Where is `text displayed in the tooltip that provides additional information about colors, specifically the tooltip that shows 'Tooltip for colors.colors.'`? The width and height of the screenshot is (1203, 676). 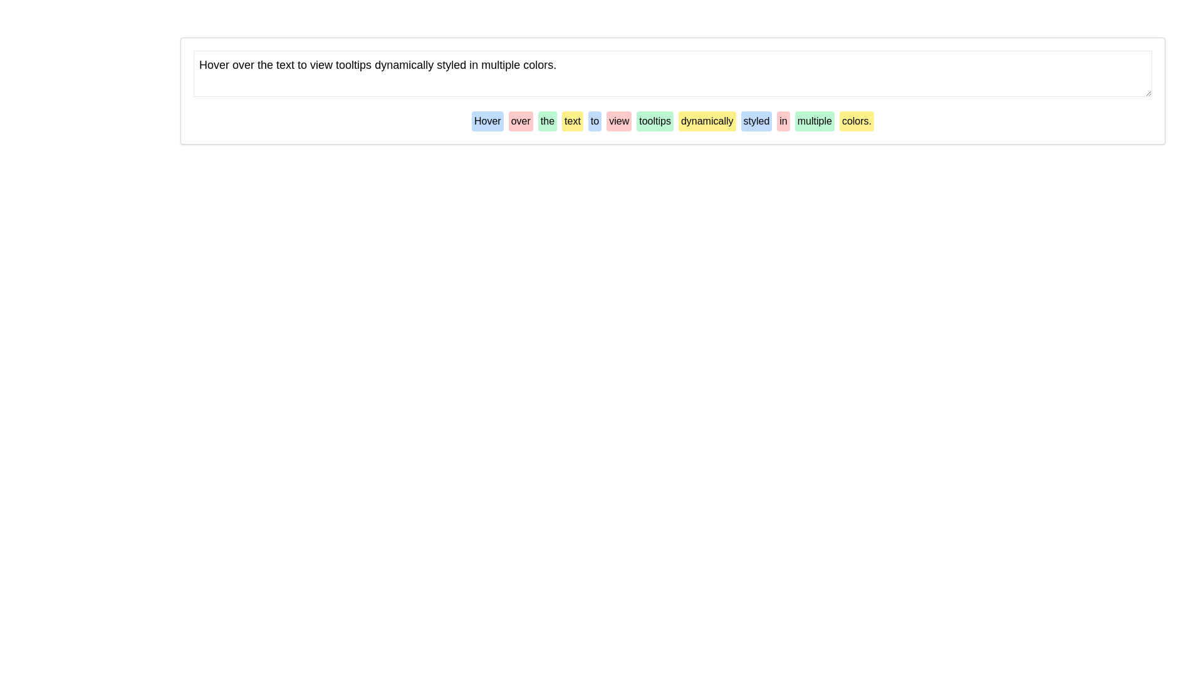 text displayed in the tooltip that provides additional information about colors, specifically the tooltip that shows 'Tooltip for colors.colors.' is located at coordinates (856, 121).